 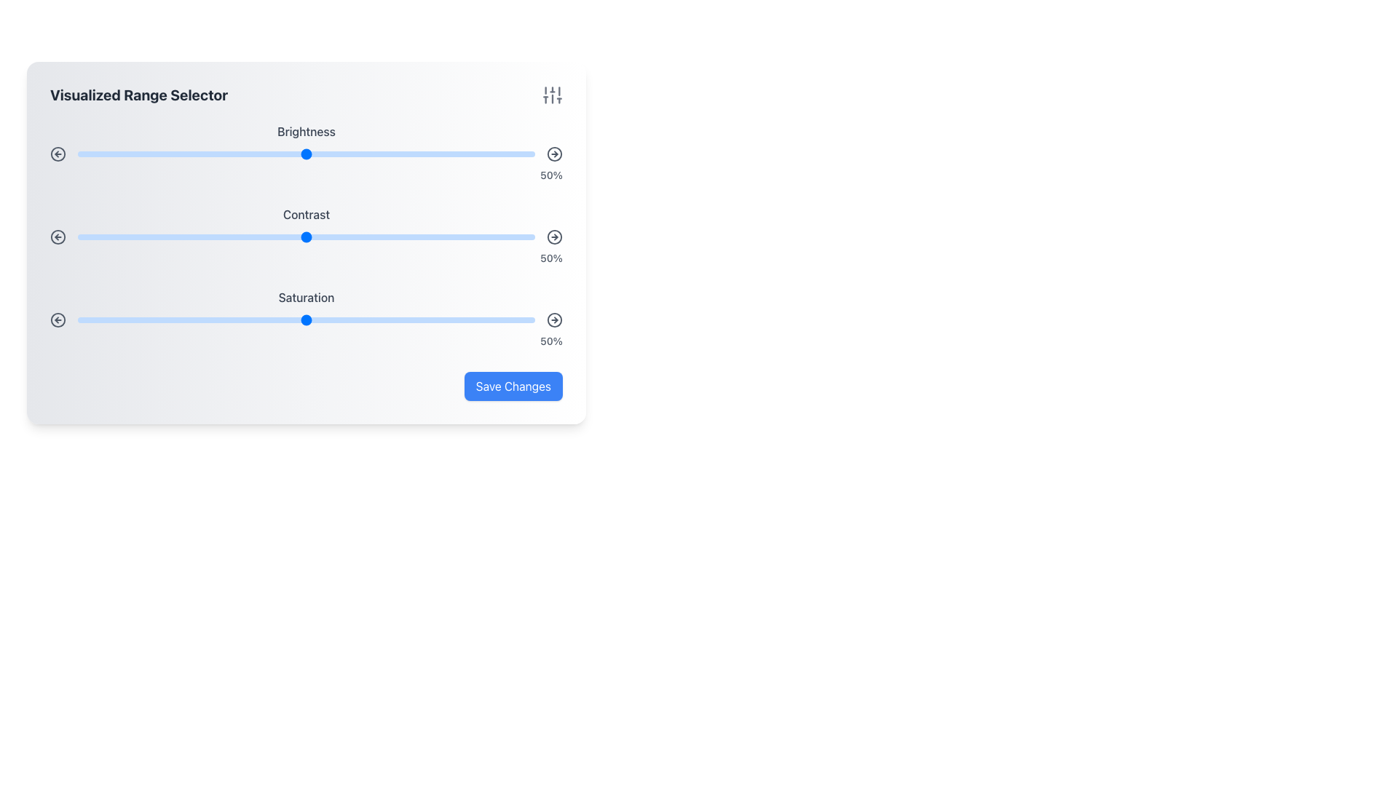 I want to click on the brightness, so click(x=375, y=154).